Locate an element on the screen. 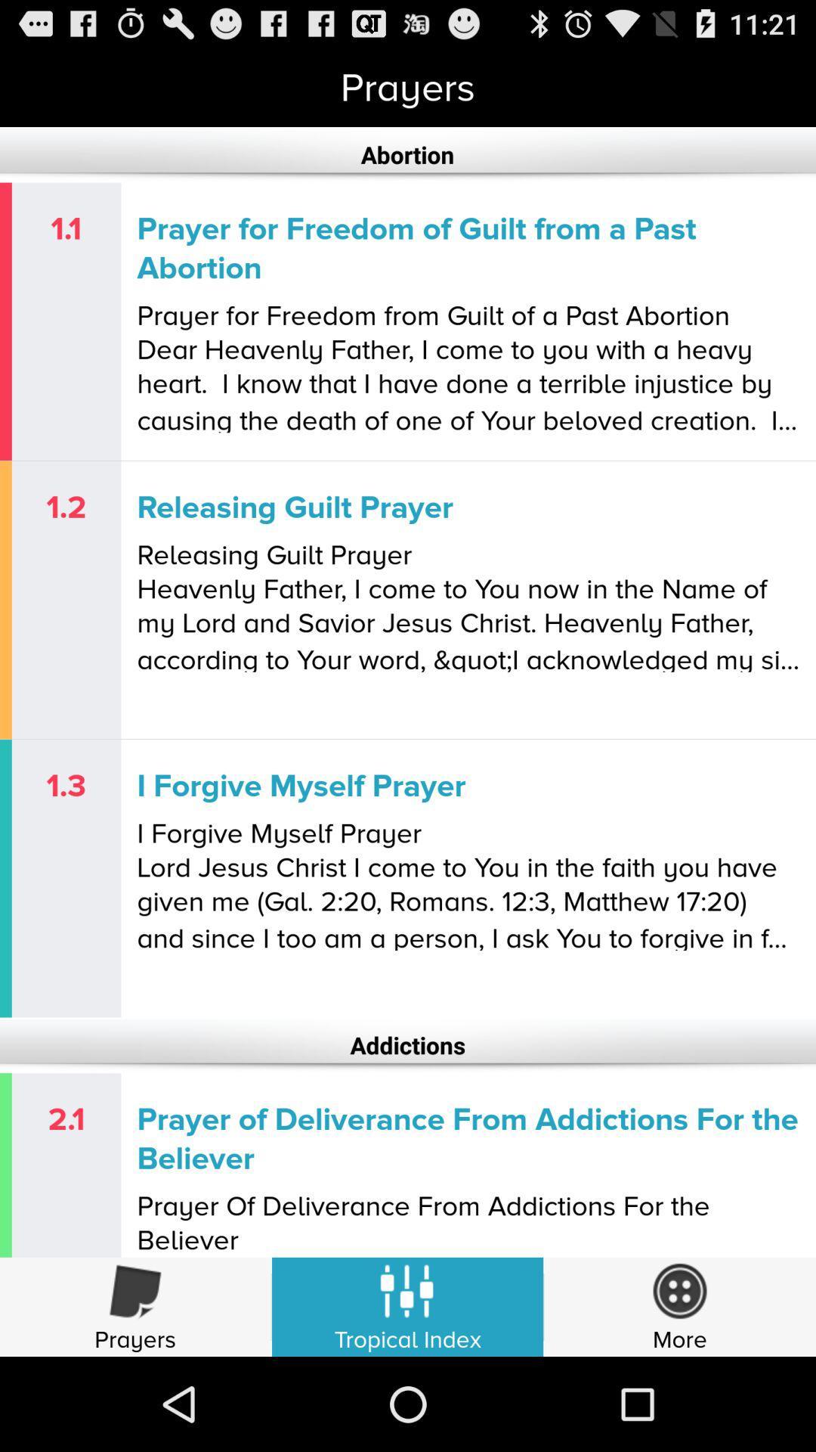 Image resolution: width=816 pixels, height=1452 pixels. the symbol which is immediately above tropical index is located at coordinates (408, 1298).